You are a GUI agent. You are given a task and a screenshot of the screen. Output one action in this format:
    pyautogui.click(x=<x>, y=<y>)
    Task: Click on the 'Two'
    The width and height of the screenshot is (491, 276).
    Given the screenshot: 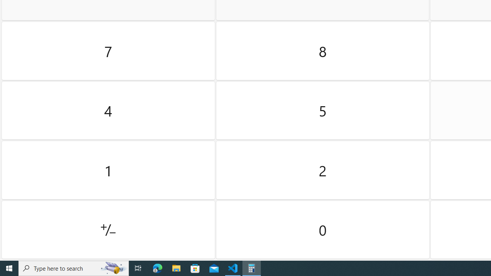 What is the action you would take?
    pyautogui.click(x=323, y=170)
    